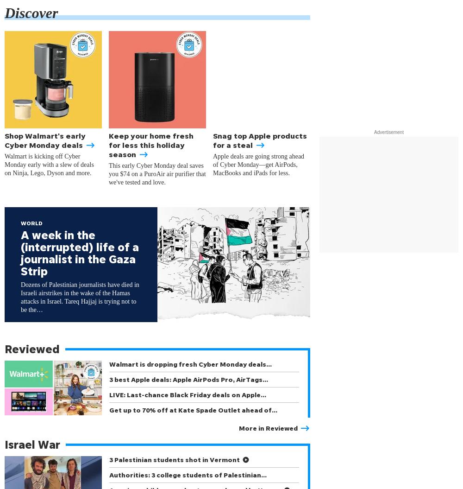 The width and height of the screenshot is (463, 489). What do you see at coordinates (150, 145) in the screenshot?
I see `'Keep your home fresh for less this holiday season'` at bounding box center [150, 145].